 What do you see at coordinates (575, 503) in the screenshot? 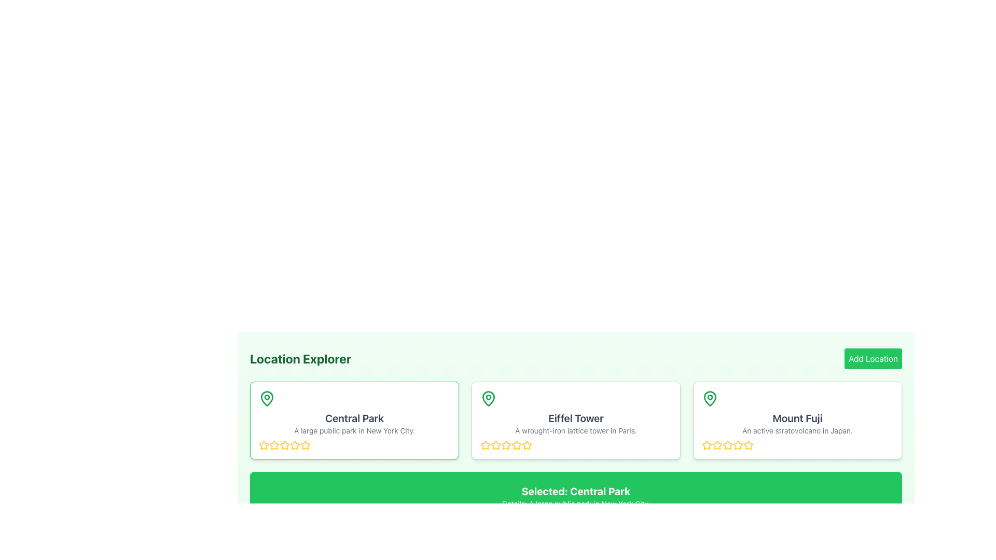
I see `the small-sized text with a green background and white font displaying 'Details: A large public park in New York City.' It is located below the text 'Selected: Central Park.'` at bounding box center [575, 503].